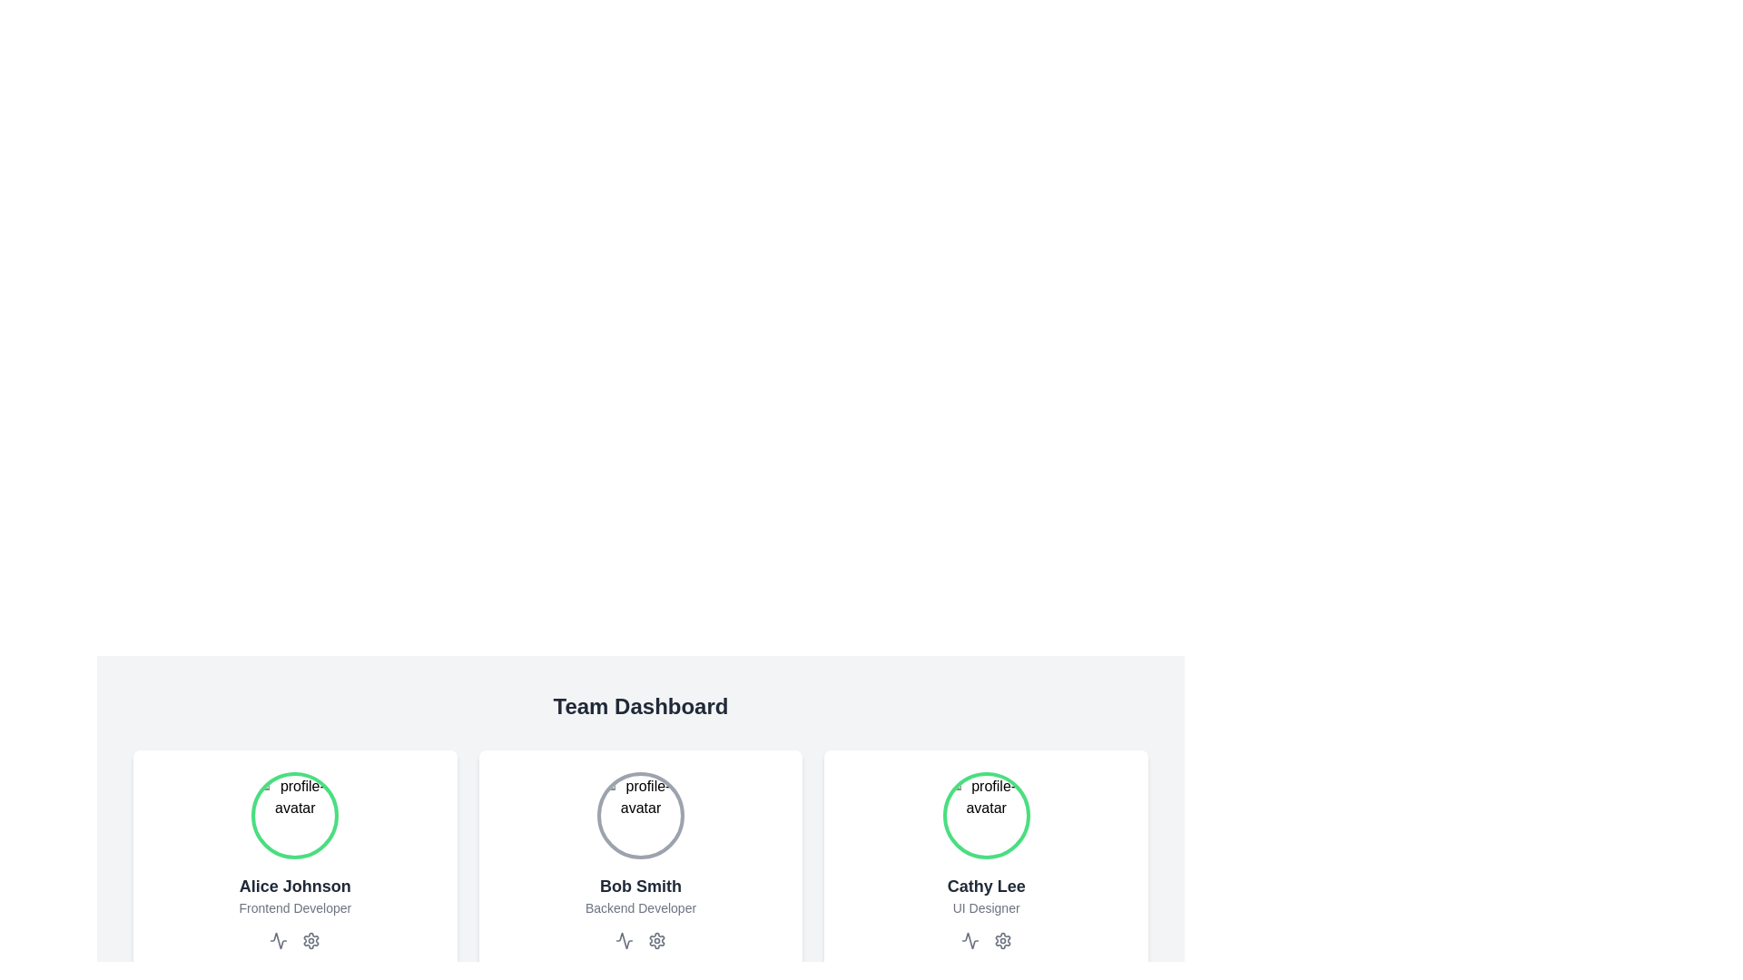 The width and height of the screenshot is (1743, 980). I want to click on text label displaying the job title 'UI Designer', which is styled in gray and positioned directly below the name 'Cathy Lee' within the team member card, so click(985, 908).